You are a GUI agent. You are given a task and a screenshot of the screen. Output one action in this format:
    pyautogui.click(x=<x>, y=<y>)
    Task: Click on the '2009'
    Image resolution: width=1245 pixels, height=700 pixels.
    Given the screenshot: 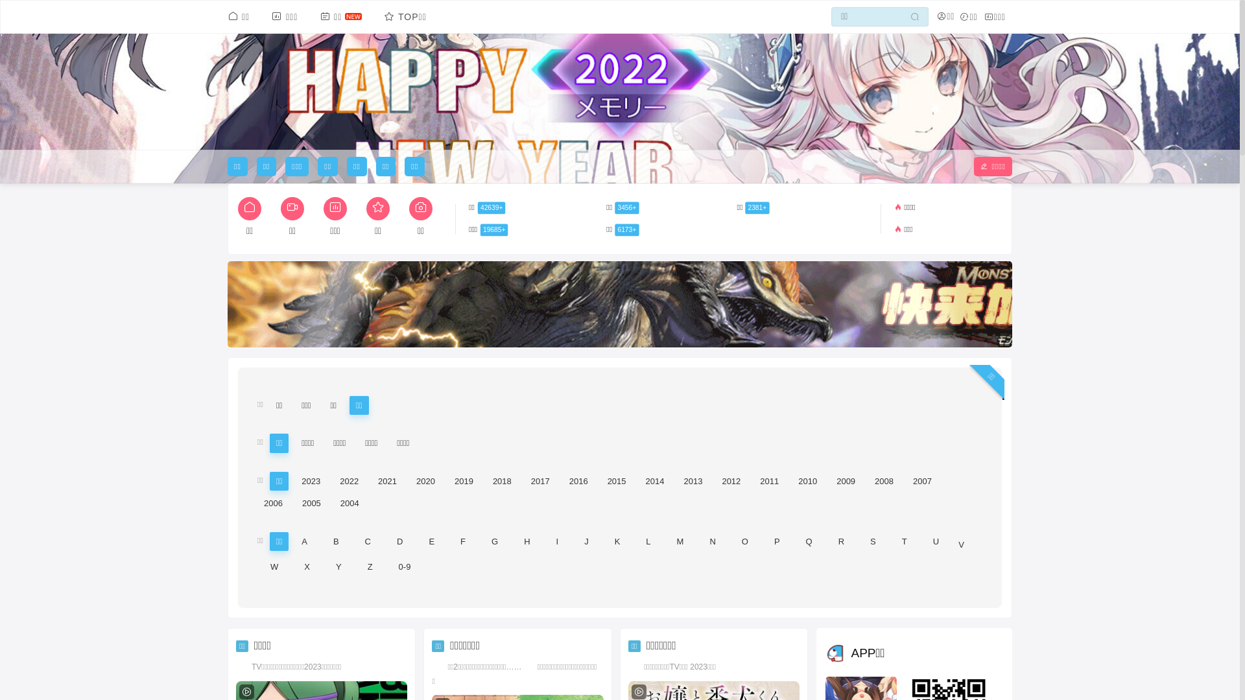 What is the action you would take?
    pyautogui.click(x=846, y=481)
    